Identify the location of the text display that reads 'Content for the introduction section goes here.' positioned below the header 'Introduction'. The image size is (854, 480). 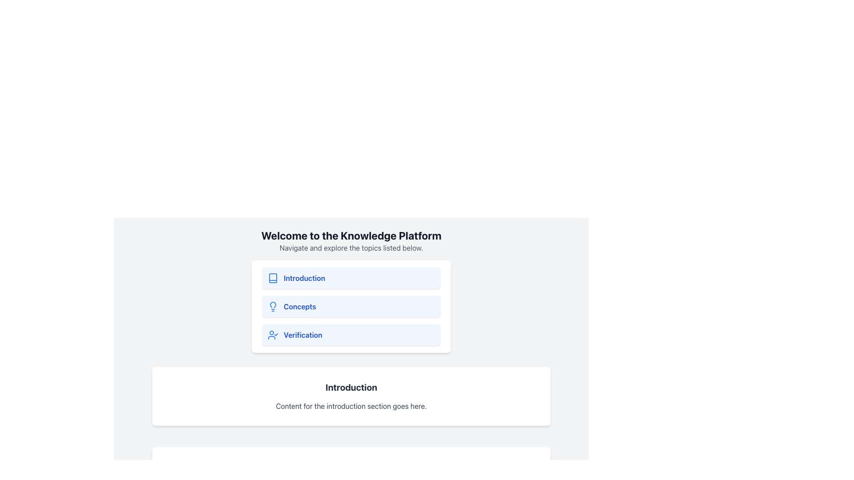
(351, 406).